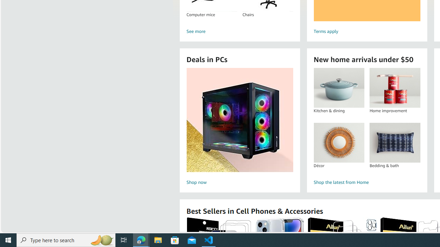 Image resolution: width=440 pixels, height=247 pixels. What do you see at coordinates (339, 87) in the screenshot?
I see `'Kitchen & dining'` at bounding box center [339, 87].